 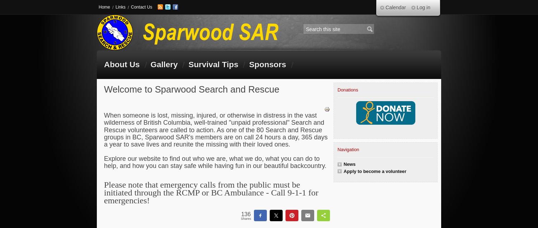 What do you see at coordinates (215, 130) in the screenshot?
I see `'When someone is lost, missing, injured, or otherwise in distress in the vast wilderness of British Columbia, well-trained "unpaid professional" Search and Rescue volunteers are called to action. As one of the 80 Search and Rescue groups in BC, Sparwood SAR's members are on call 24 hours a day, 365 days a year to save lives and reunite the missing with their loved ones.'` at bounding box center [215, 130].